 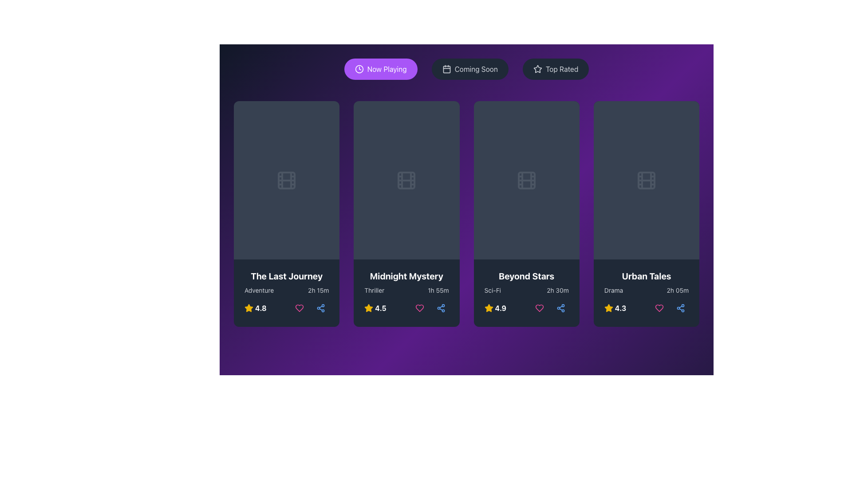 What do you see at coordinates (613, 291) in the screenshot?
I see `the text label displaying 'Drama' located just below the title 'Urban Tales' in the movie card` at bounding box center [613, 291].